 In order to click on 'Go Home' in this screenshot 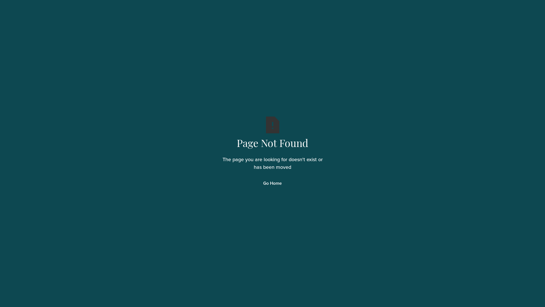, I will do `click(272, 183)`.